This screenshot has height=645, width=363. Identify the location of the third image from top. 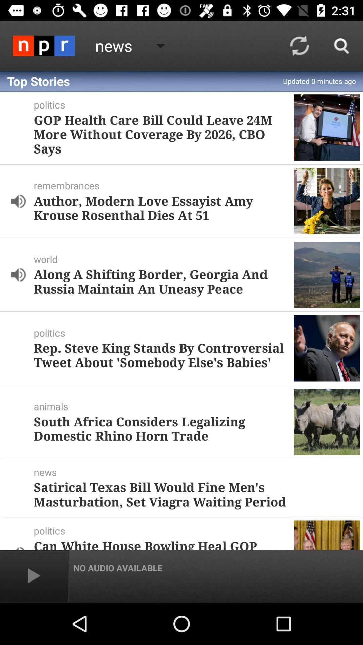
(327, 274).